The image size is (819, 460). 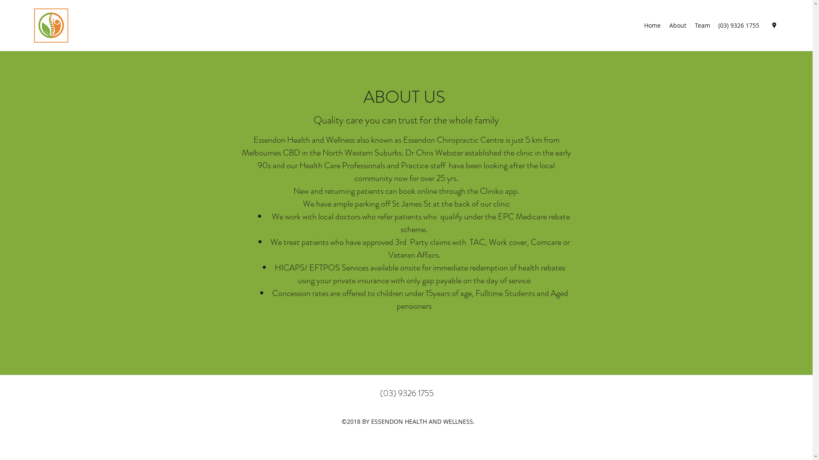 I want to click on 'About', so click(x=677, y=25).